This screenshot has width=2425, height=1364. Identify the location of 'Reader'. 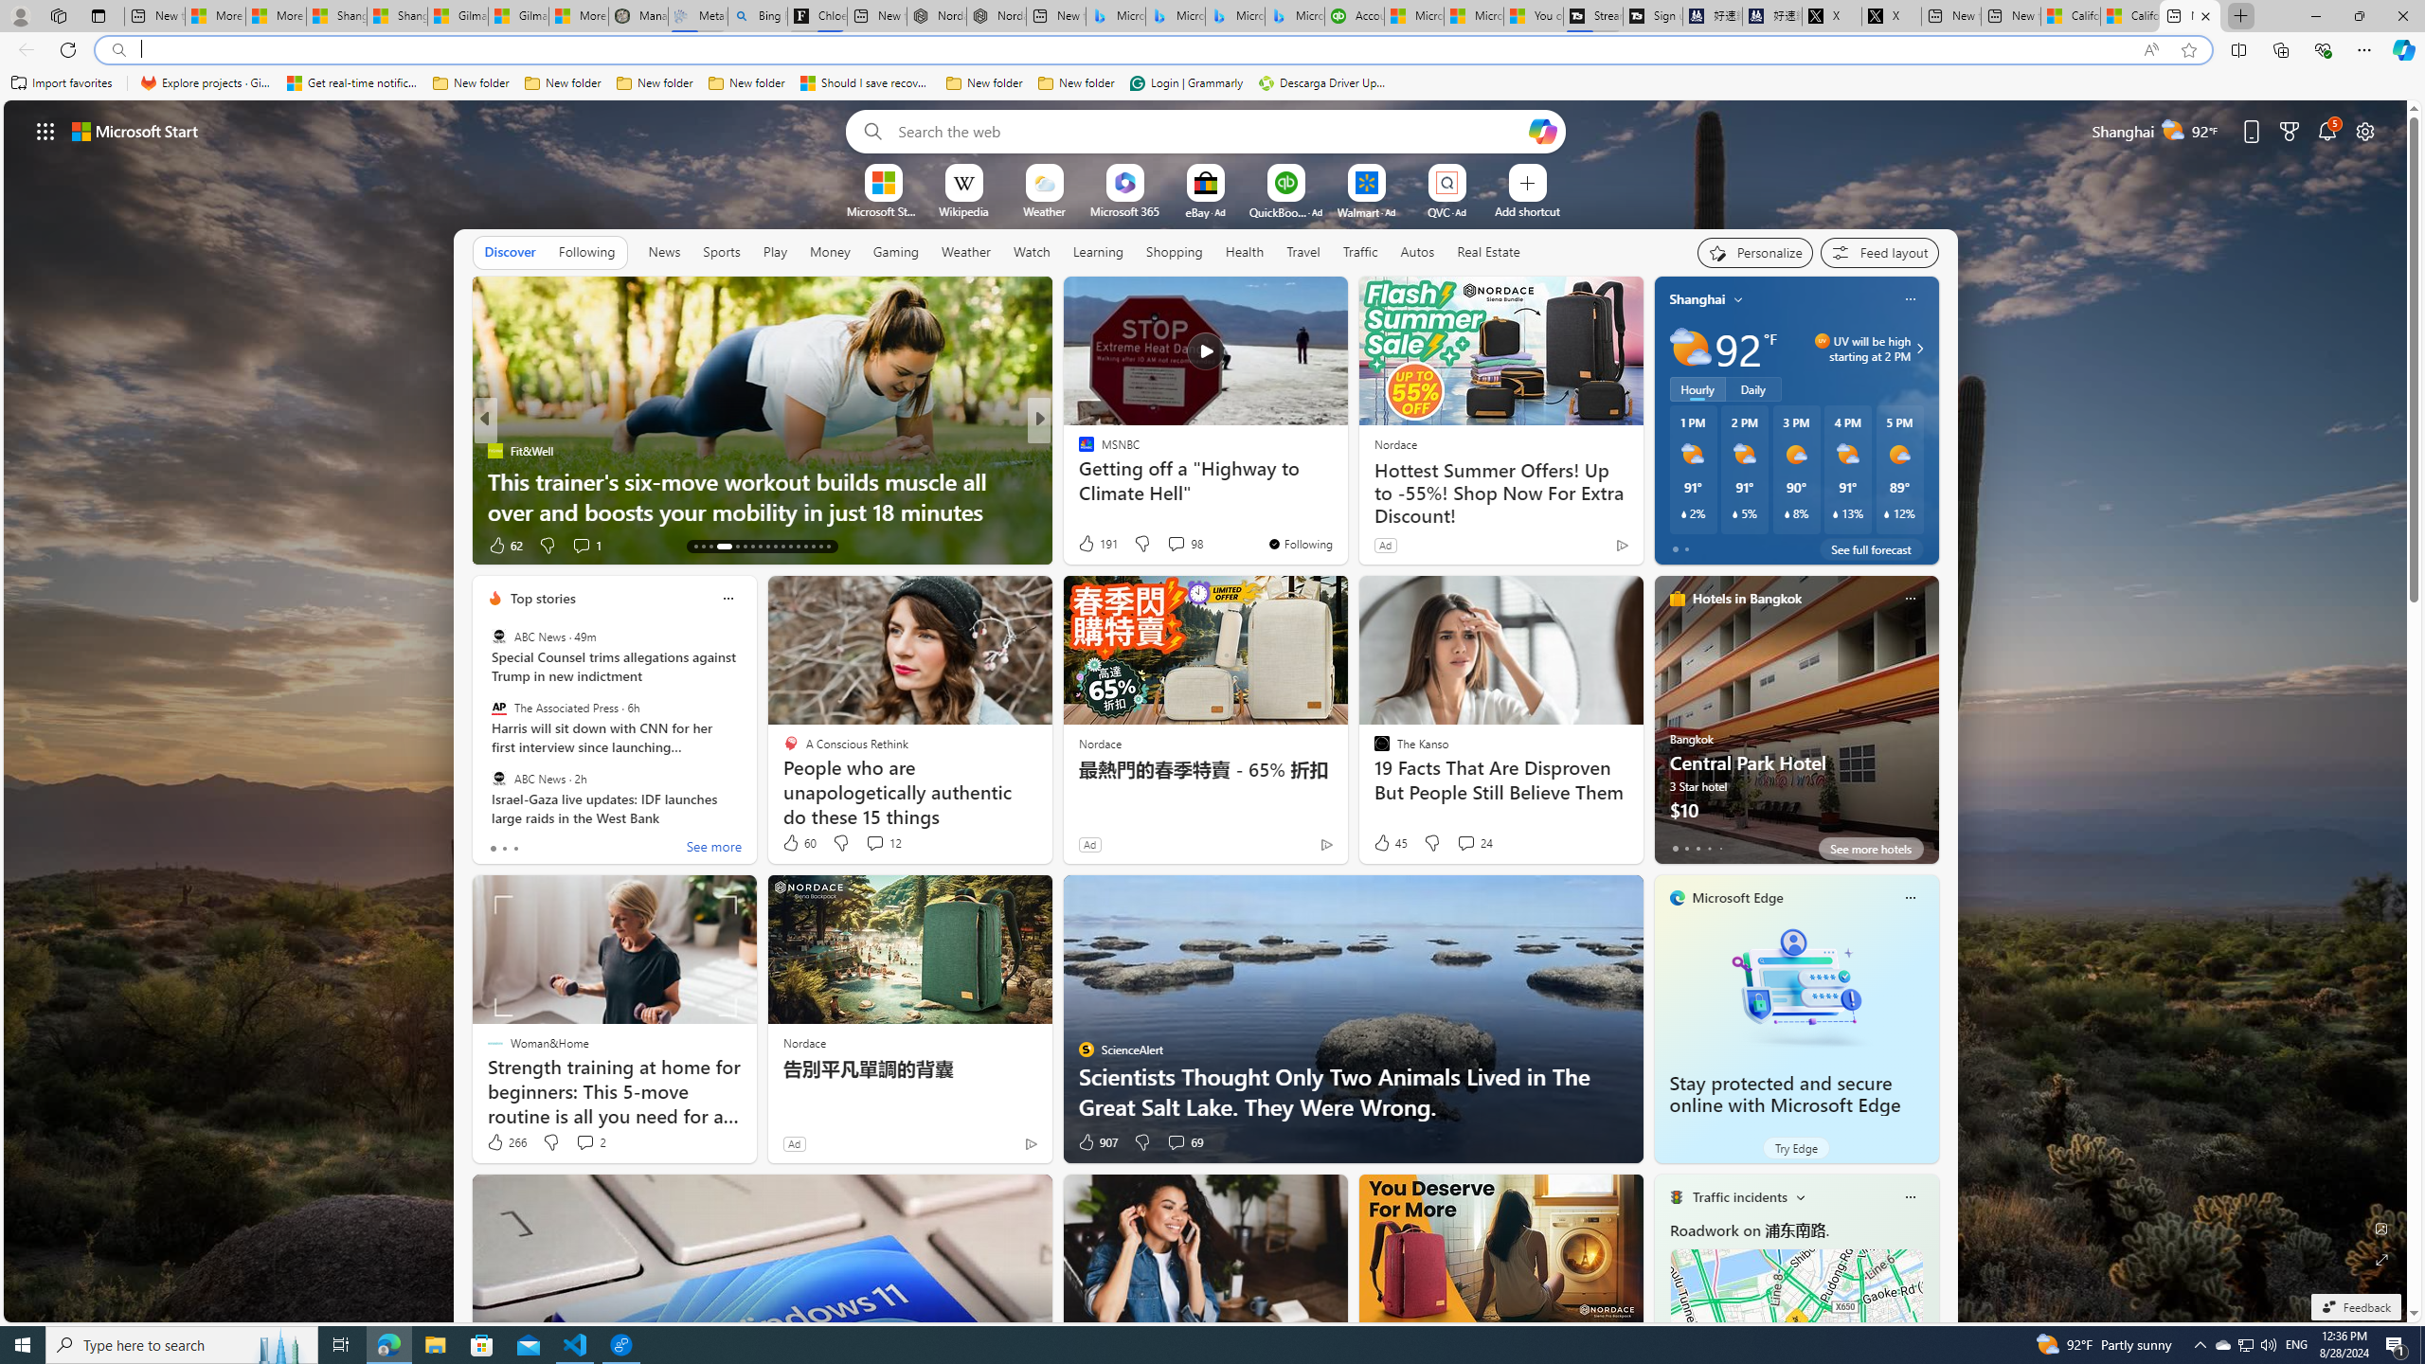
(1077, 449).